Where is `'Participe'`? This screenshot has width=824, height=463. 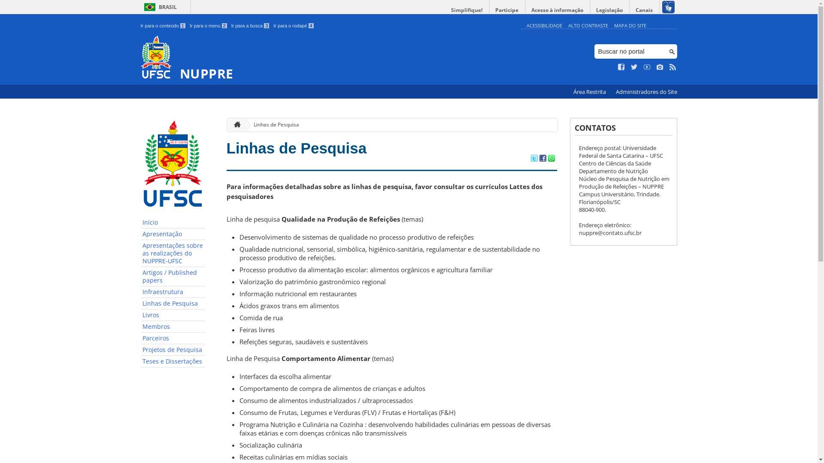 'Participe' is located at coordinates (506, 10).